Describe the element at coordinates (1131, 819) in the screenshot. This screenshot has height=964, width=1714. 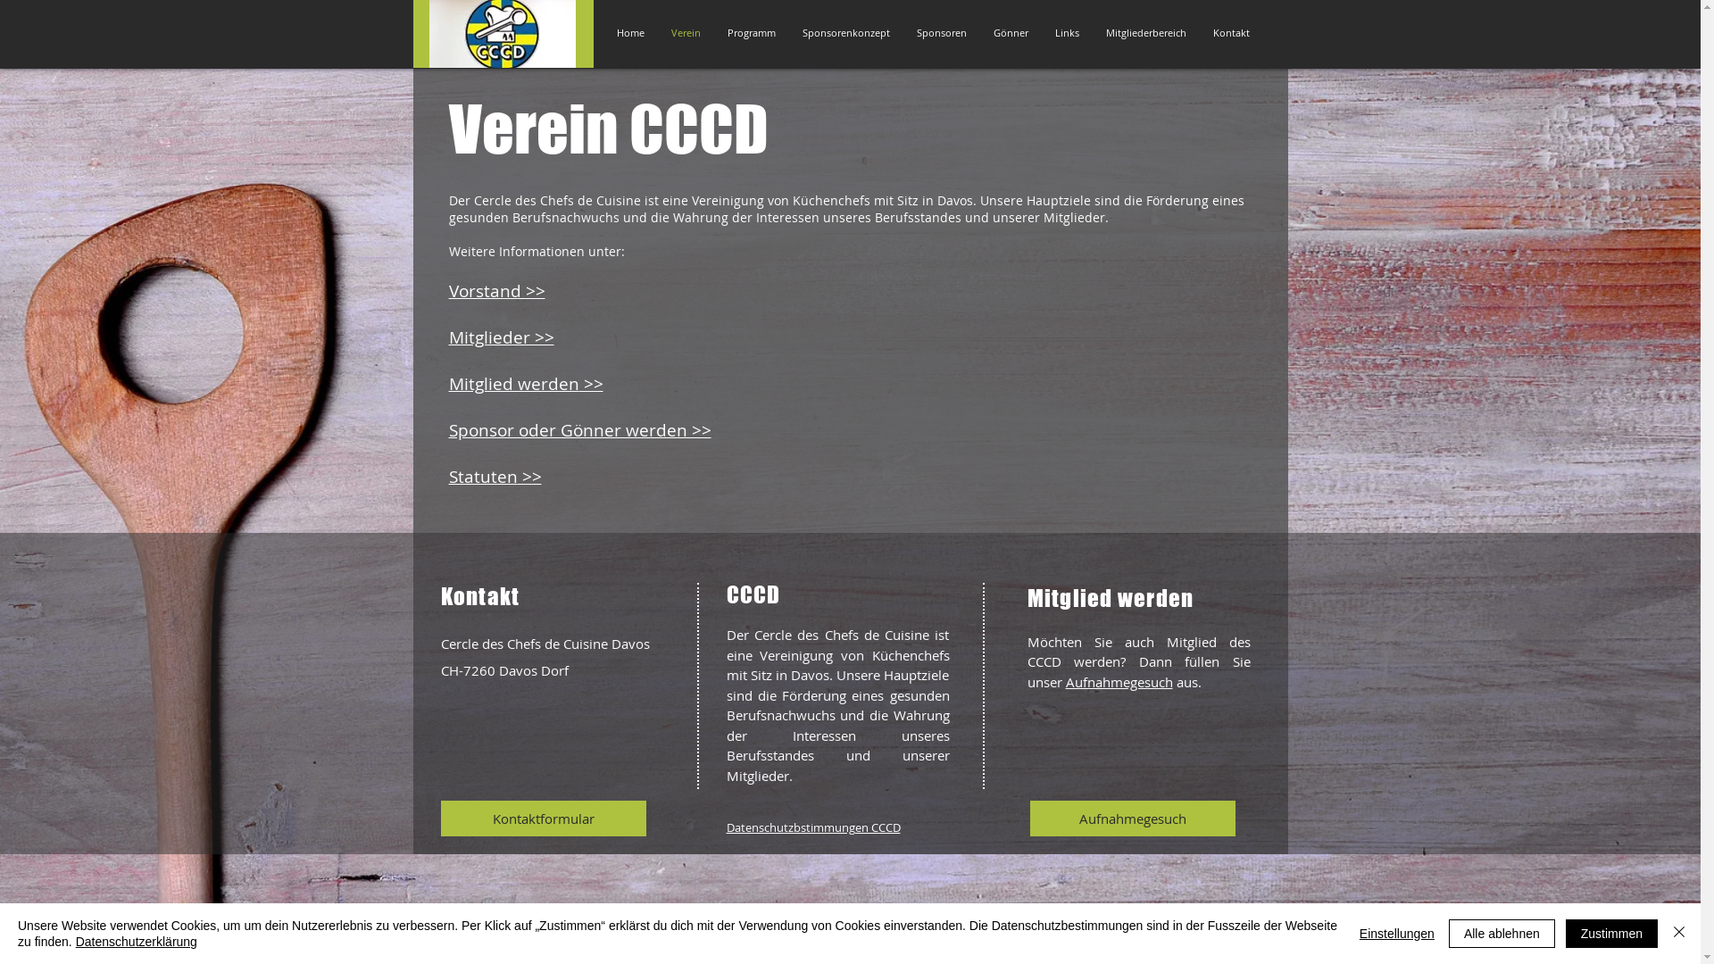
I see `'Aufnahmegesuch'` at that location.